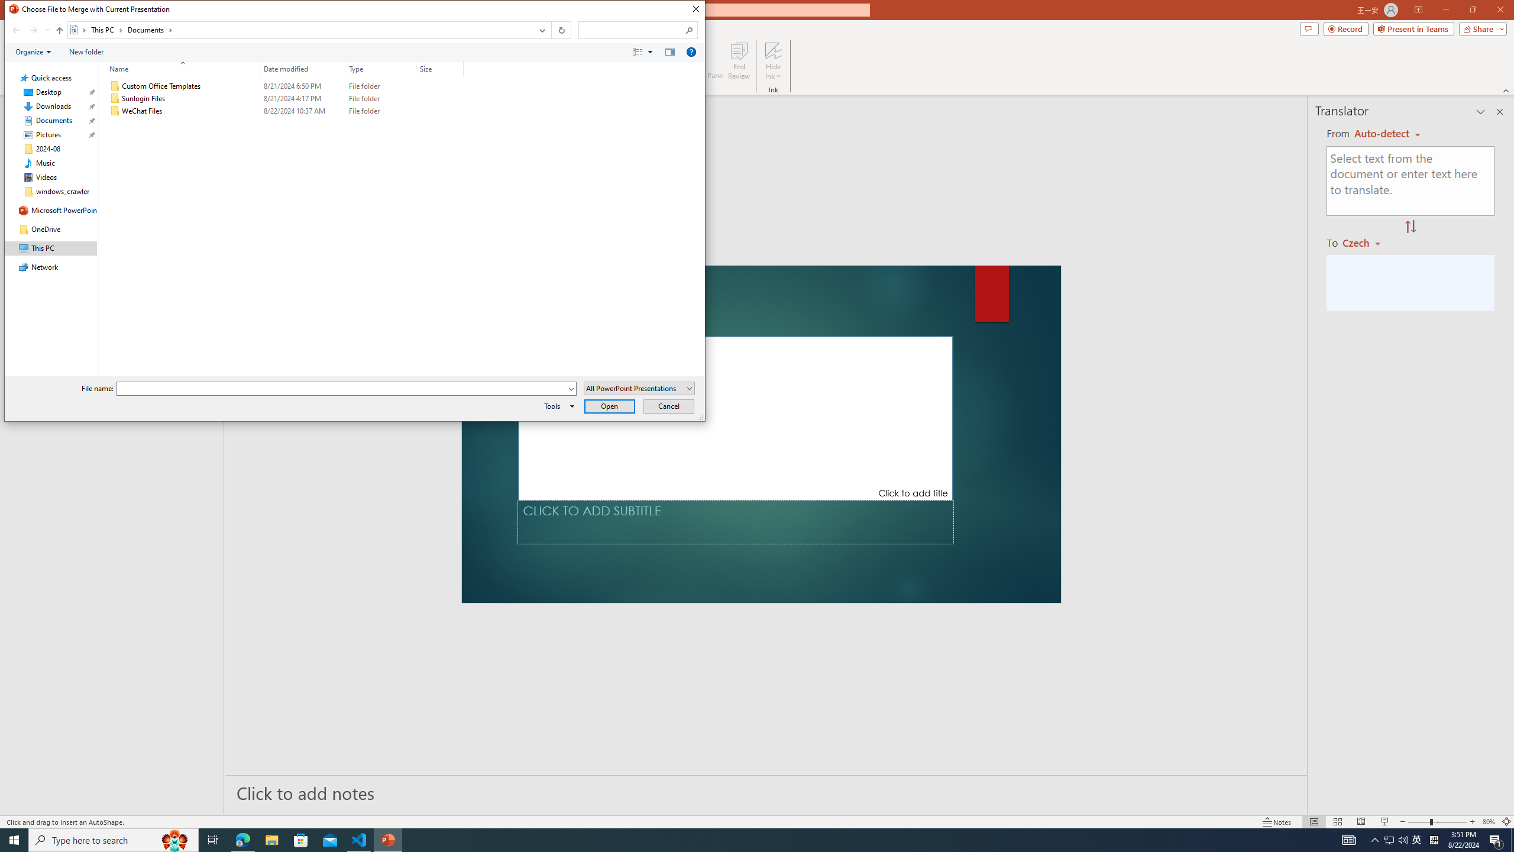  What do you see at coordinates (774, 50) in the screenshot?
I see `'Hide Ink'` at bounding box center [774, 50].